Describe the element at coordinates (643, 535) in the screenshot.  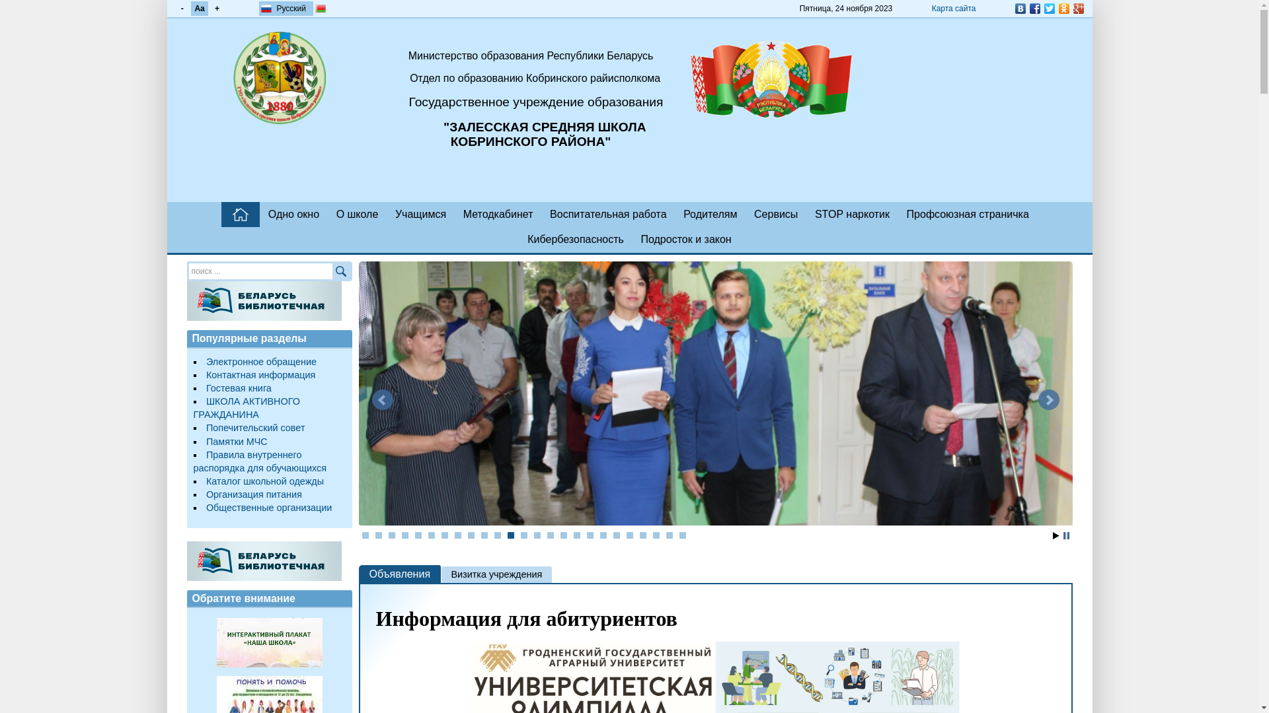
I see `'22'` at that location.